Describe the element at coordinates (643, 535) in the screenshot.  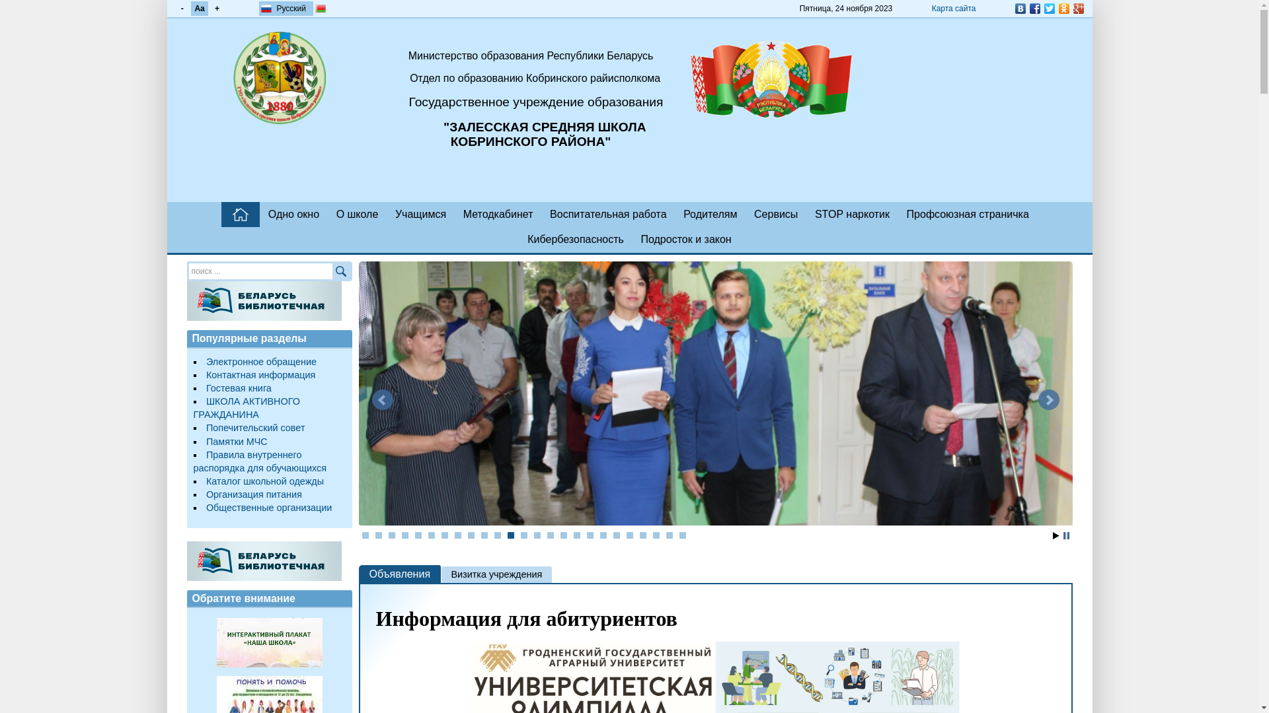
I see `'22'` at that location.